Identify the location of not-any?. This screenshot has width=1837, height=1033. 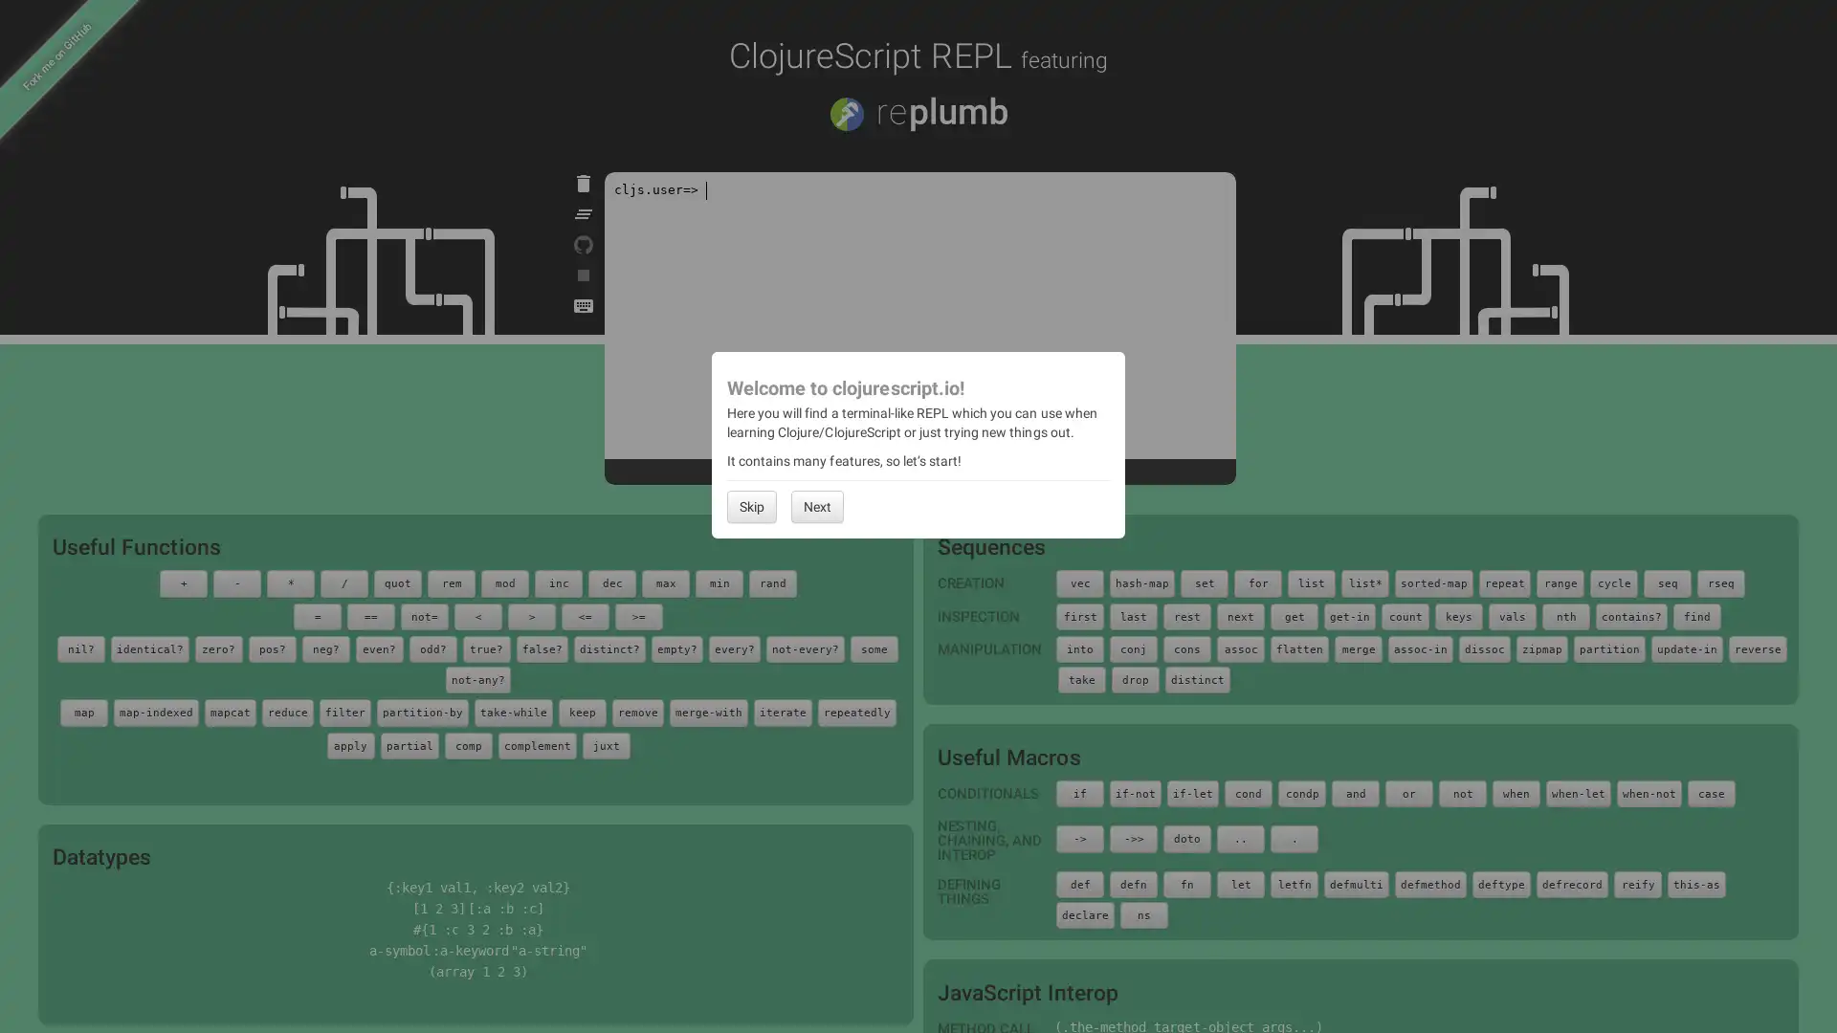
(477, 678).